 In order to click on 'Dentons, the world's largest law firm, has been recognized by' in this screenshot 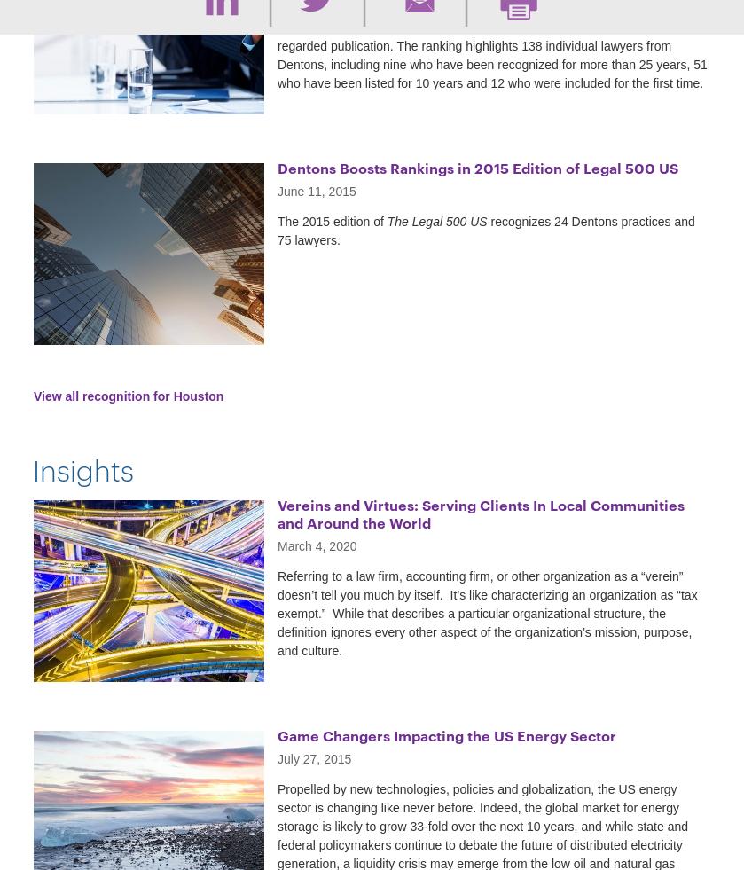, I will do `click(444, 7)`.